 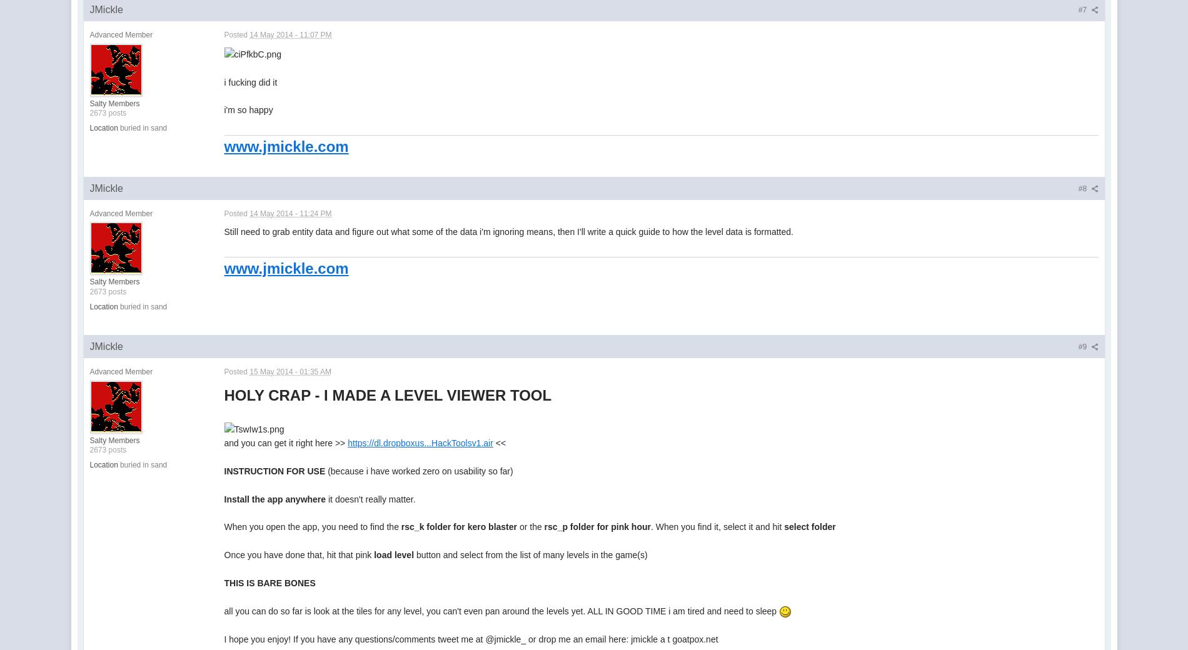 I want to click on 'THIS IS BARE BONES', so click(x=223, y=582).